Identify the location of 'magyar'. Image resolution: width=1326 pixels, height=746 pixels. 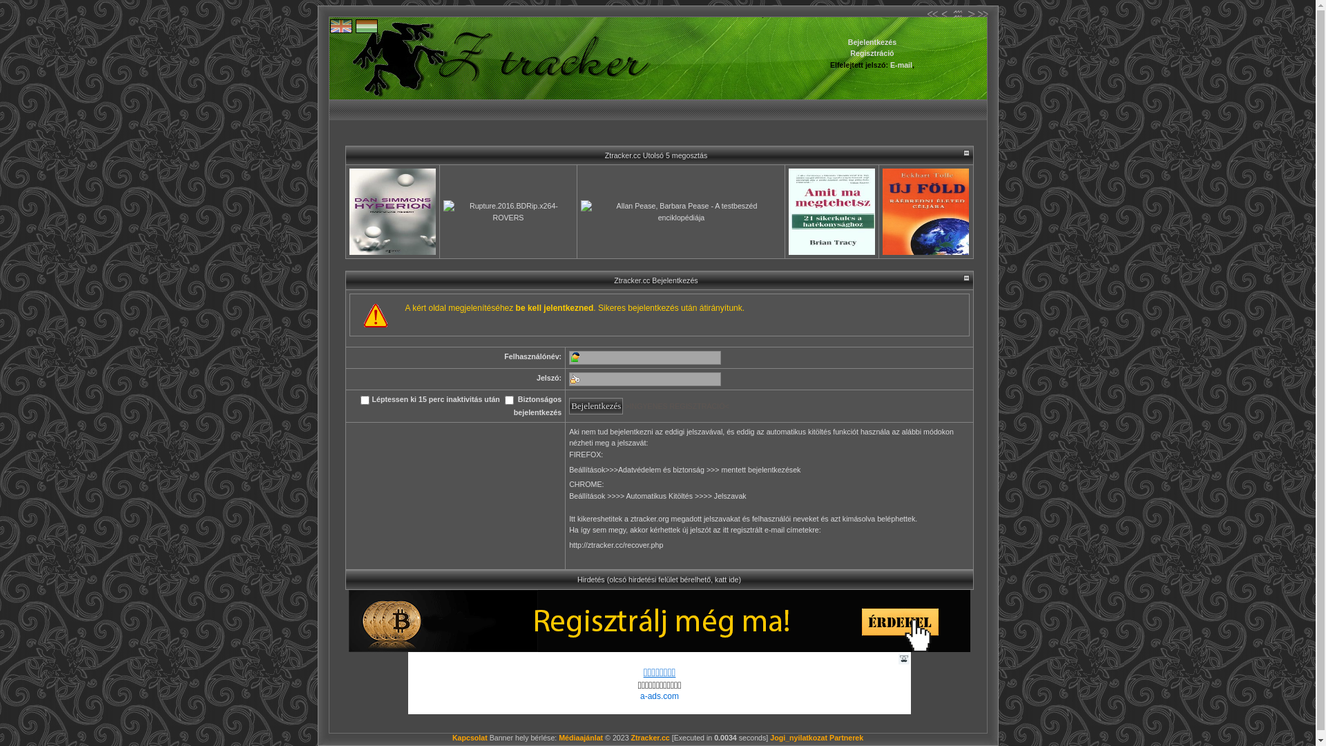
(367, 26).